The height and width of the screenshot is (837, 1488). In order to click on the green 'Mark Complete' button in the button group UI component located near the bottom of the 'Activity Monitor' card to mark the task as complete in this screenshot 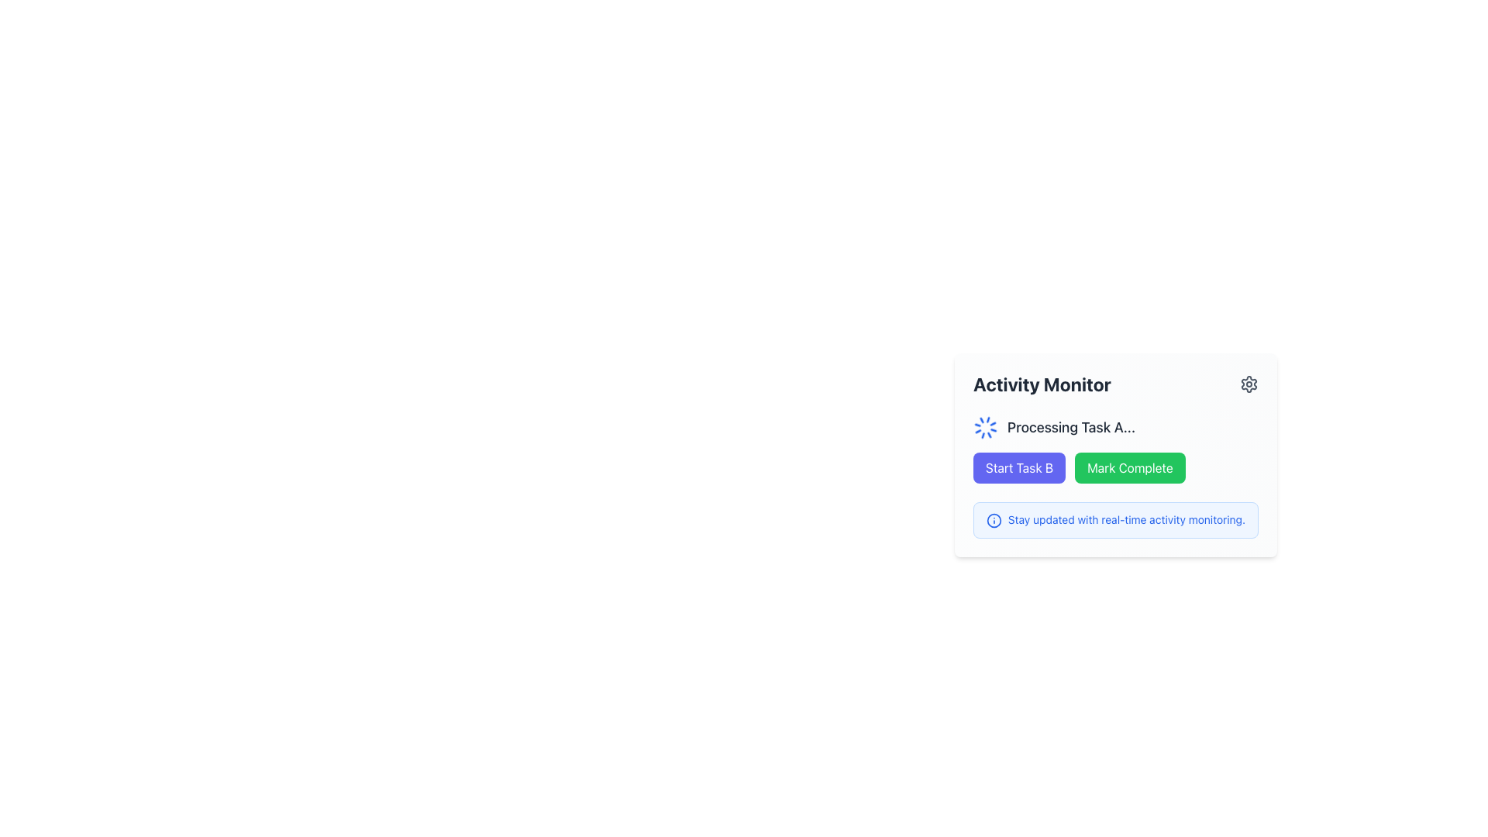, I will do `click(1116, 467)`.